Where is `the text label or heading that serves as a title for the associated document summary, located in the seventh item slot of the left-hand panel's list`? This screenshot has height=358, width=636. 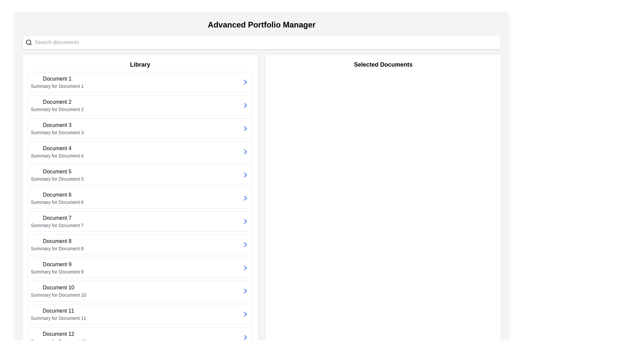 the text label or heading that serves as a title for the associated document summary, located in the seventh item slot of the left-hand panel's list is located at coordinates (57, 218).